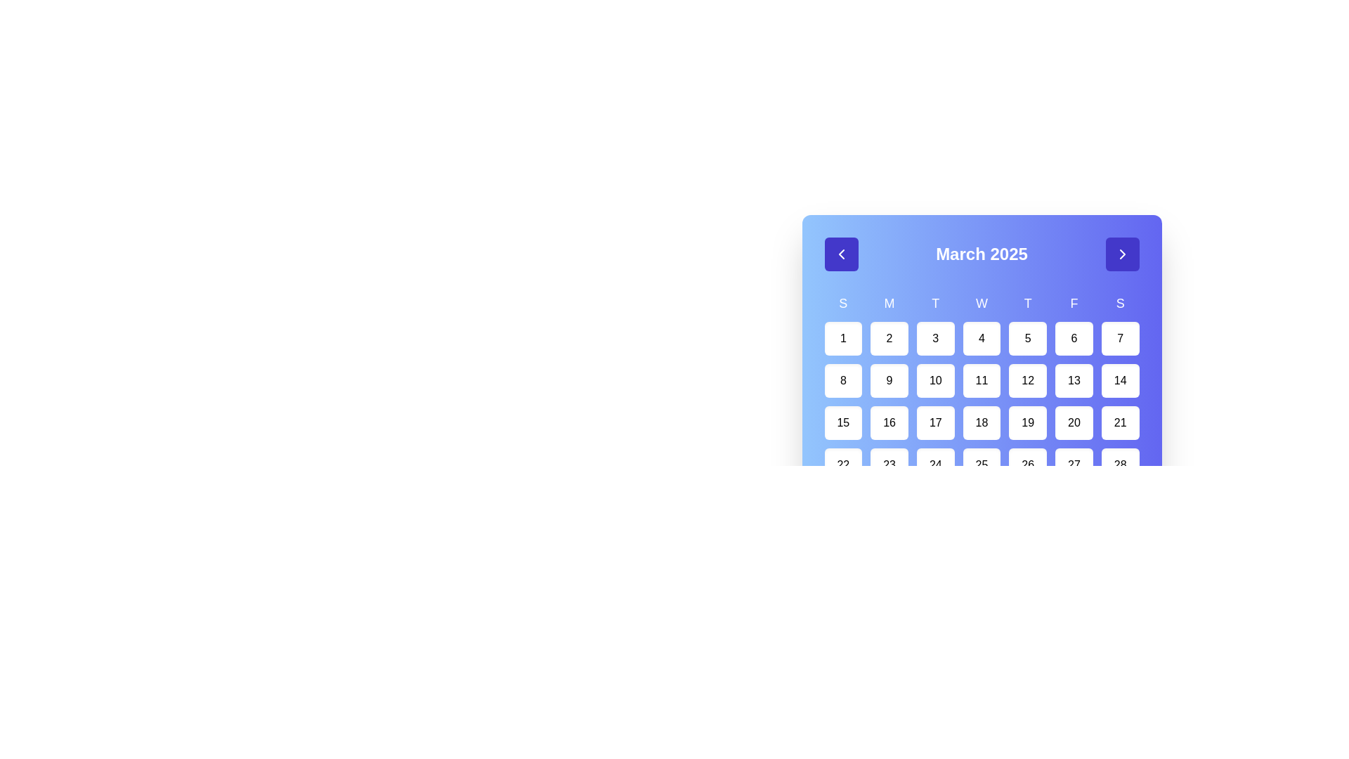 The height and width of the screenshot is (759, 1349). I want to click on the button representing the 22nd day of the month, so click(843, 465).